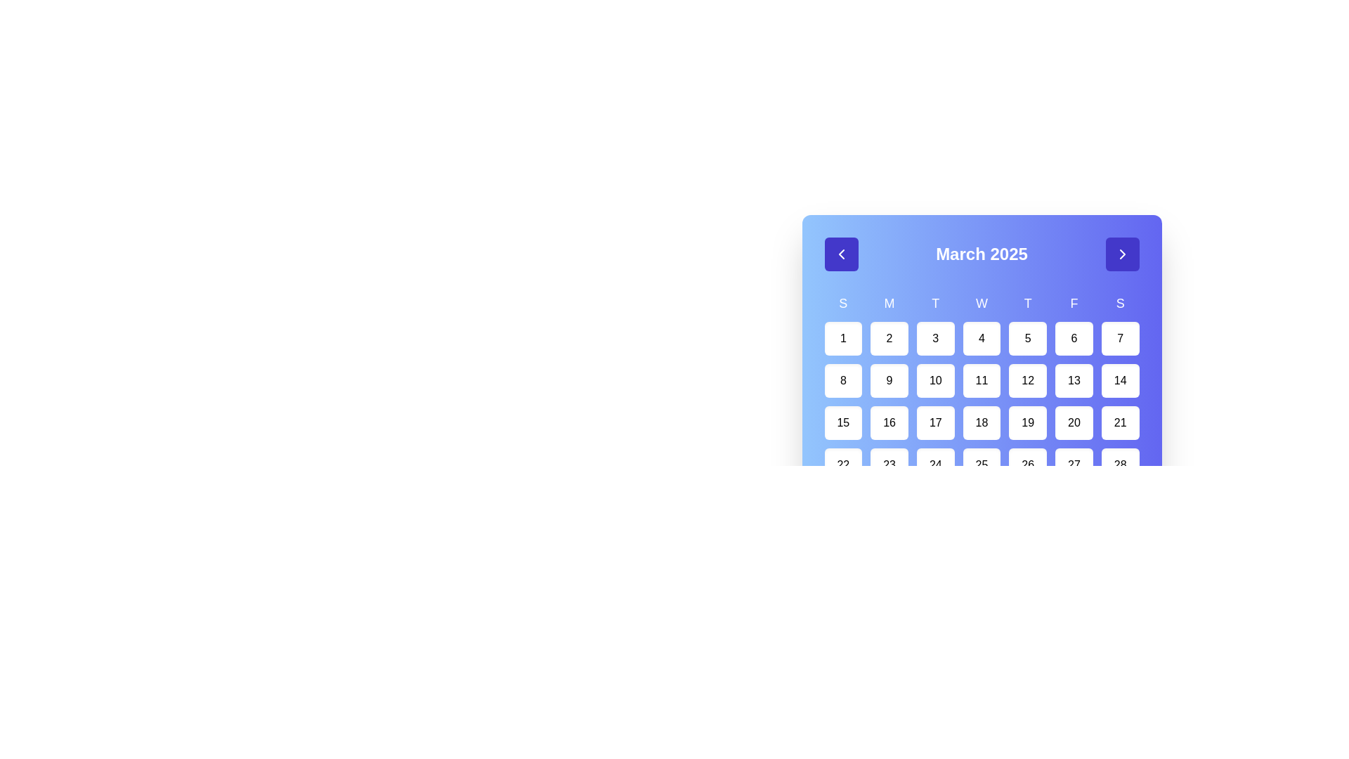 The height and width of the screenshot is (759, 1349). I want to click on the button representing the 22nd day of the month, so click(843, 465).